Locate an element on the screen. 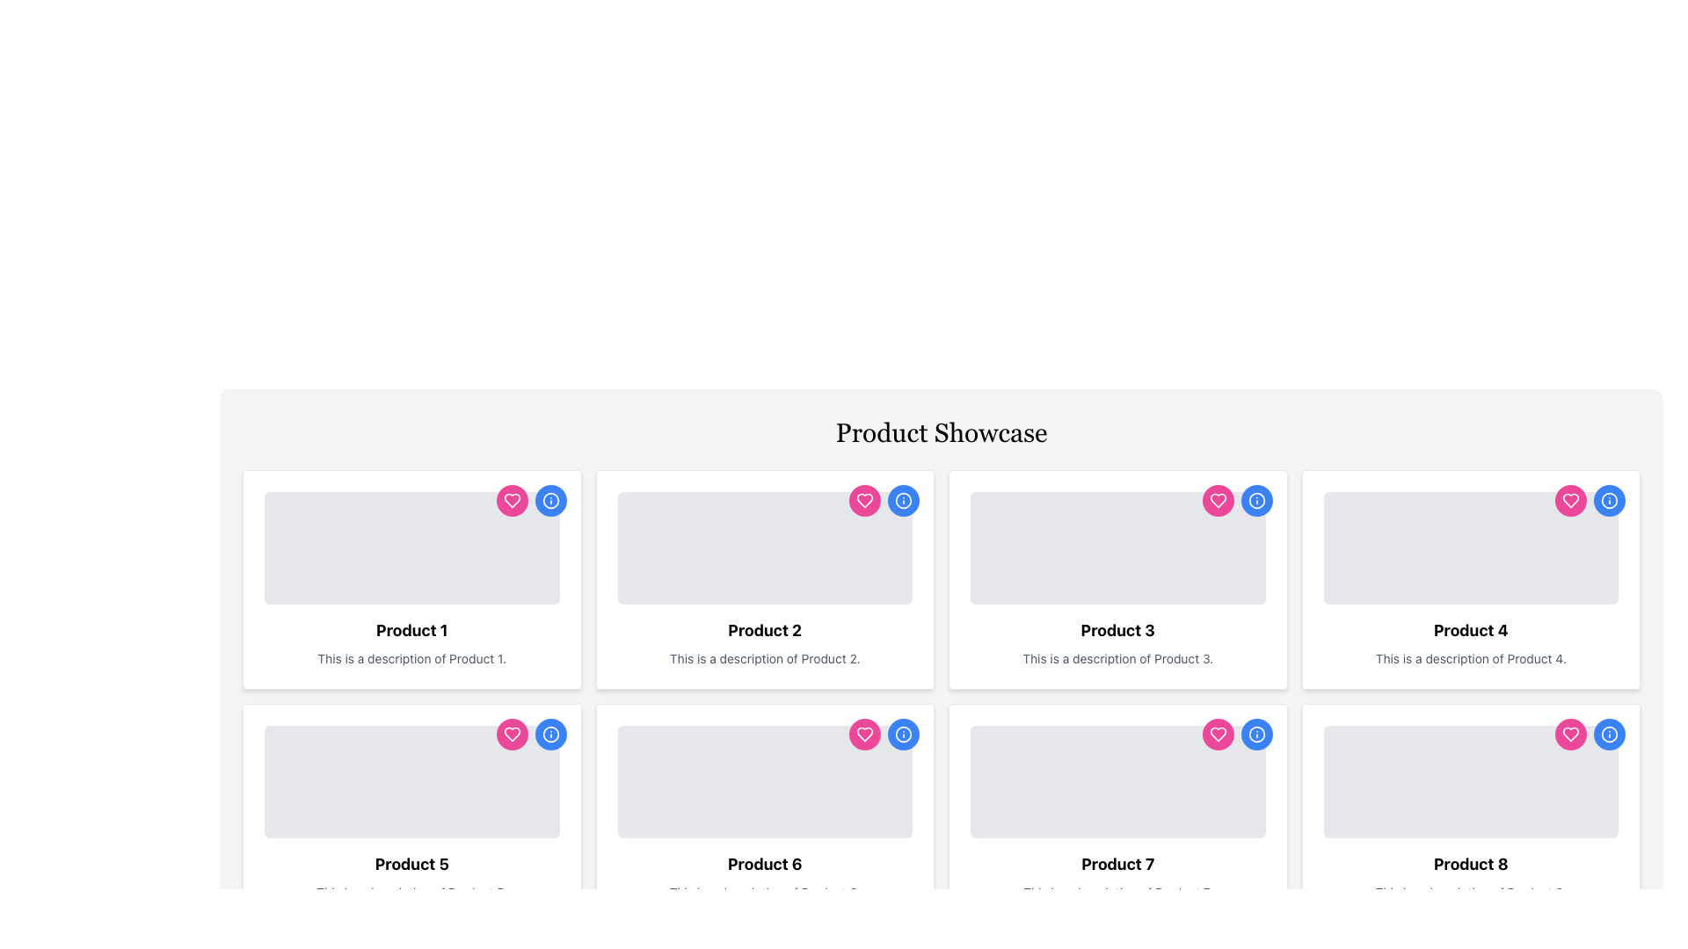 The image size is (1688, 949). the outer circular part of the blue 'info' icon located at the top-right corner of the 'Product 3' card is located at coordinates (1255, 501).